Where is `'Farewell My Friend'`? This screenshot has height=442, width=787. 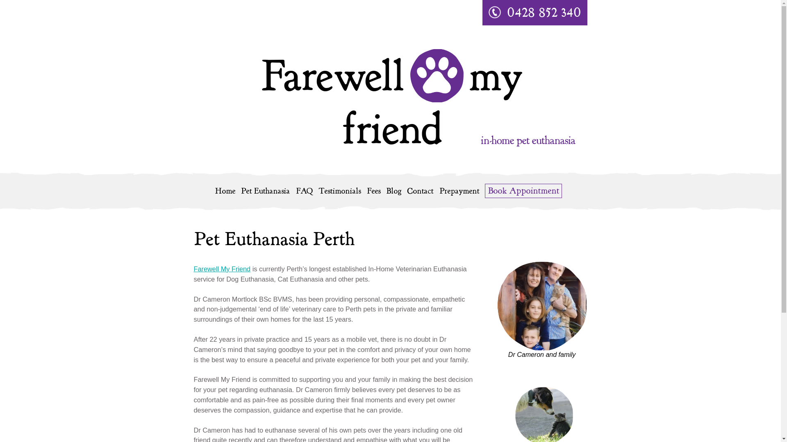 'Farewell My Friend' is located at coordinates (222, 268).